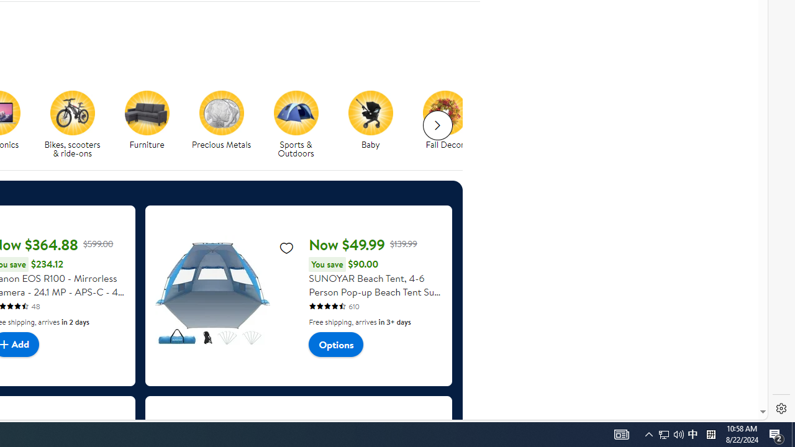 Image resolution: width=795 pixels, height=447 pixels. What do you see at coordinates (449, 125) in the screenshot?
I see `'Fall Decor'` at bounding box center [449, 125].